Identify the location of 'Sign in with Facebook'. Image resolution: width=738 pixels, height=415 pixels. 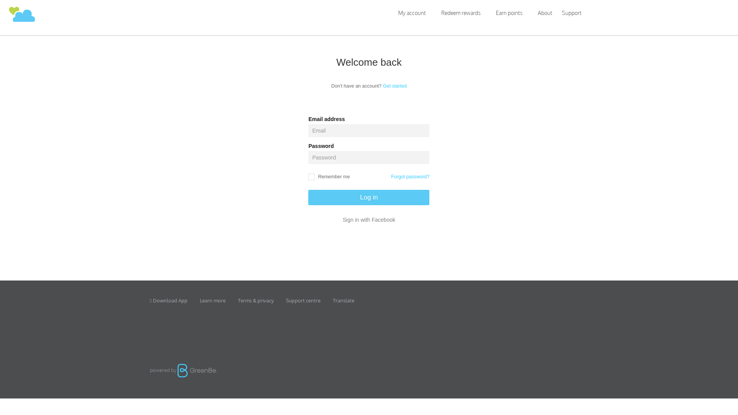
(368, 219).